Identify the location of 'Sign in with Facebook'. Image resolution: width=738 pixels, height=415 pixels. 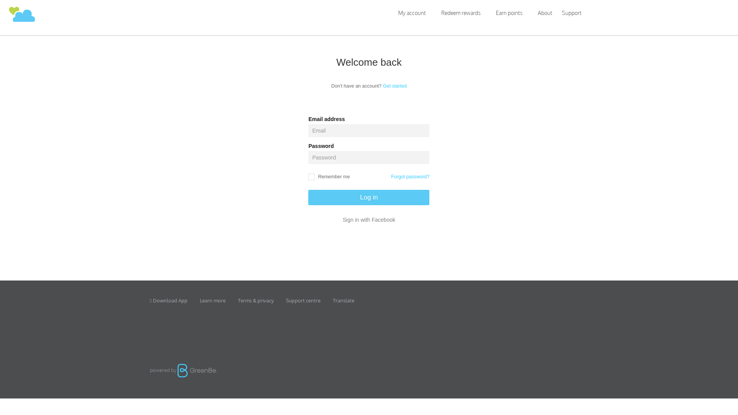
(368, 219).